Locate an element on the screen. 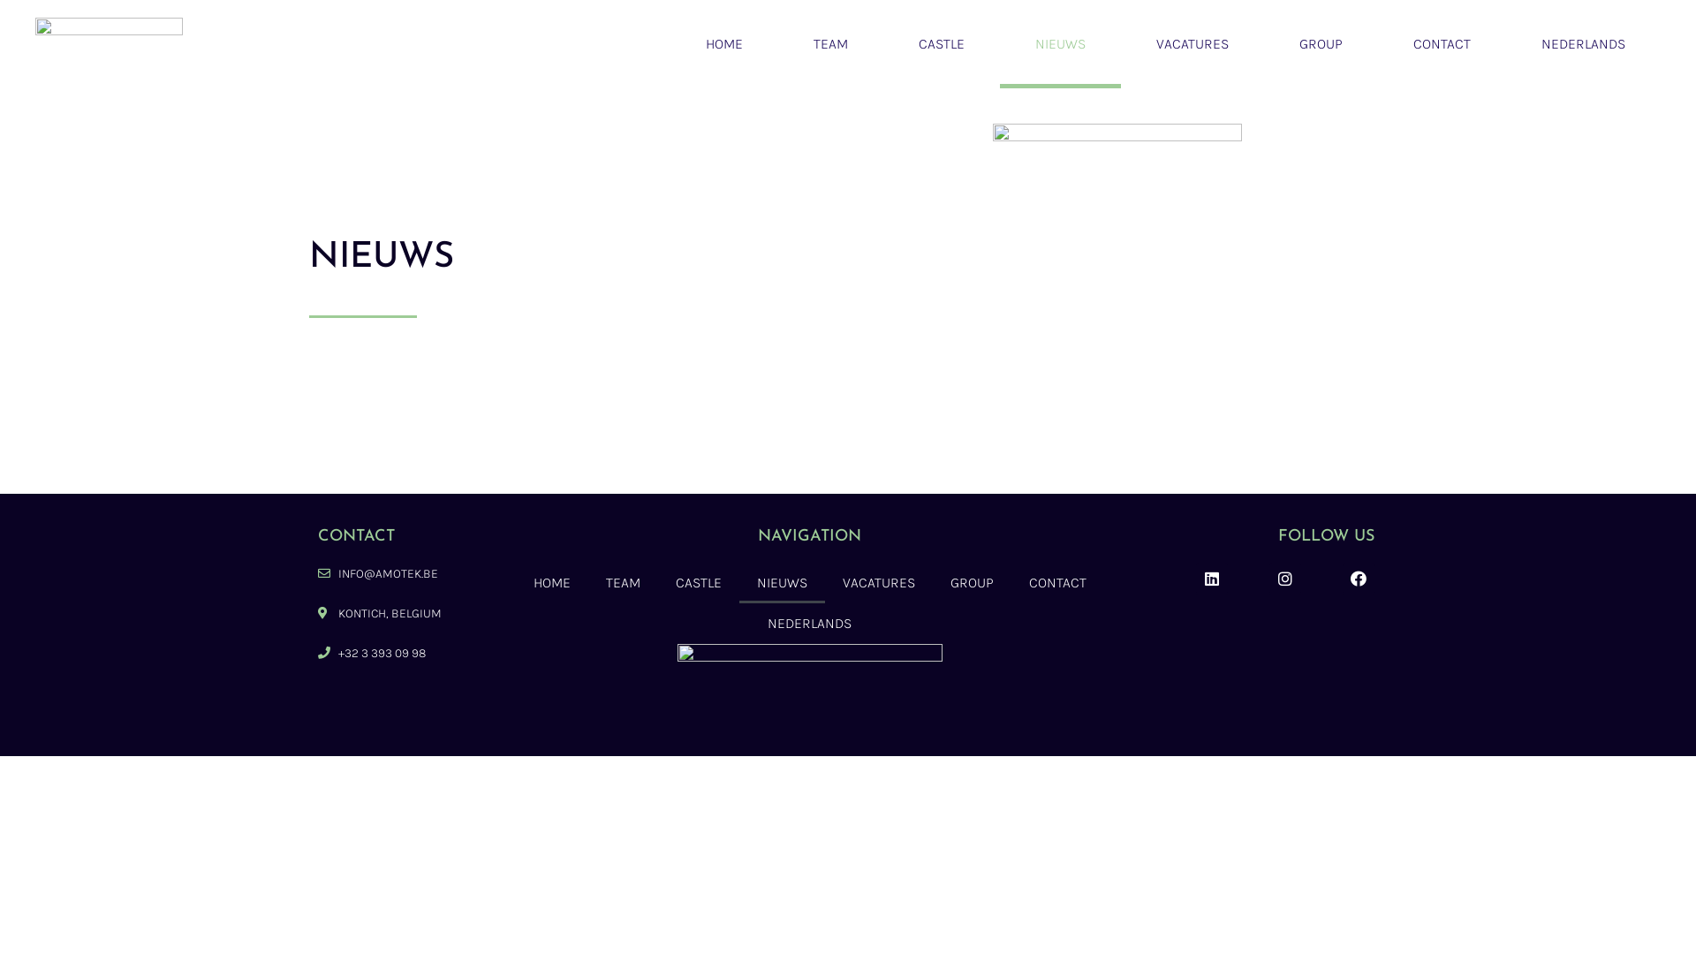 This screenshot has height=954, width=1696. 'NEDERLANDS' is located at coordinates (808, 622).